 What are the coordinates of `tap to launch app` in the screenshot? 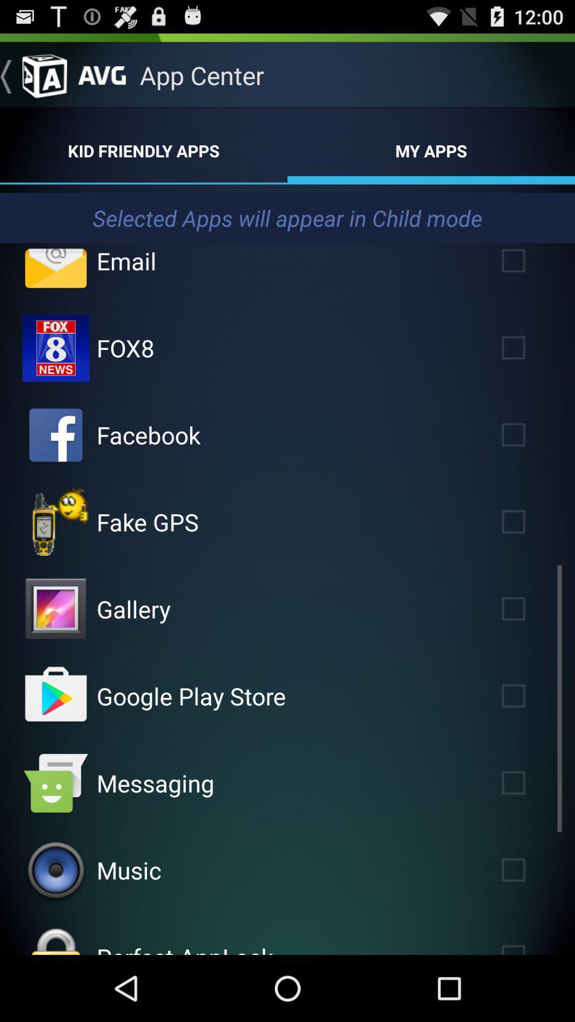 It's located at (55, 696).